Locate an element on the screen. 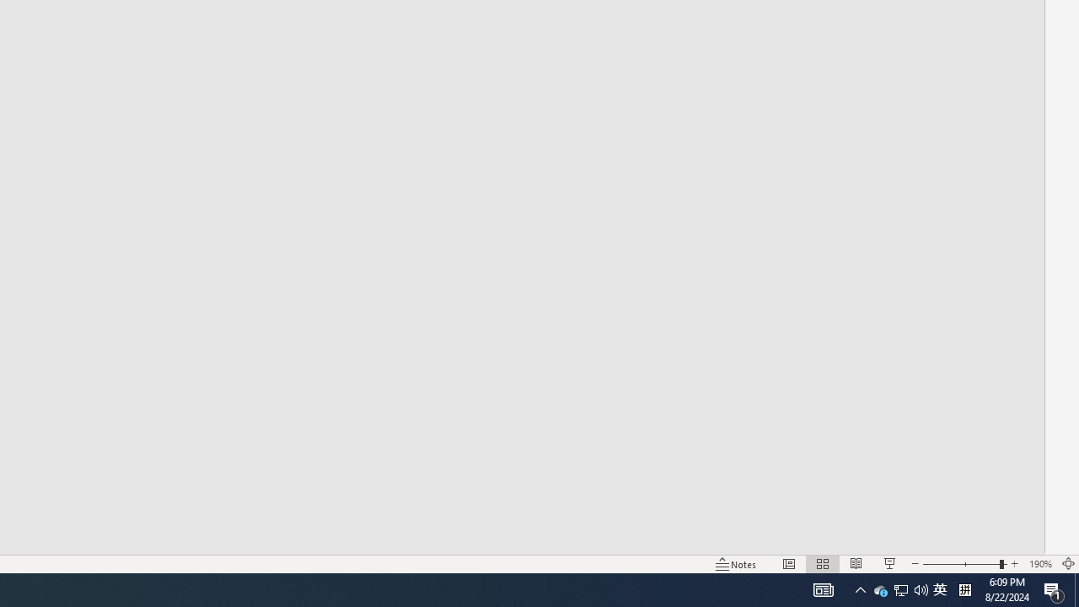 This screenshot has width=1079, height=607. 'Zoom 190%' is located at coordinates (1039, 564).